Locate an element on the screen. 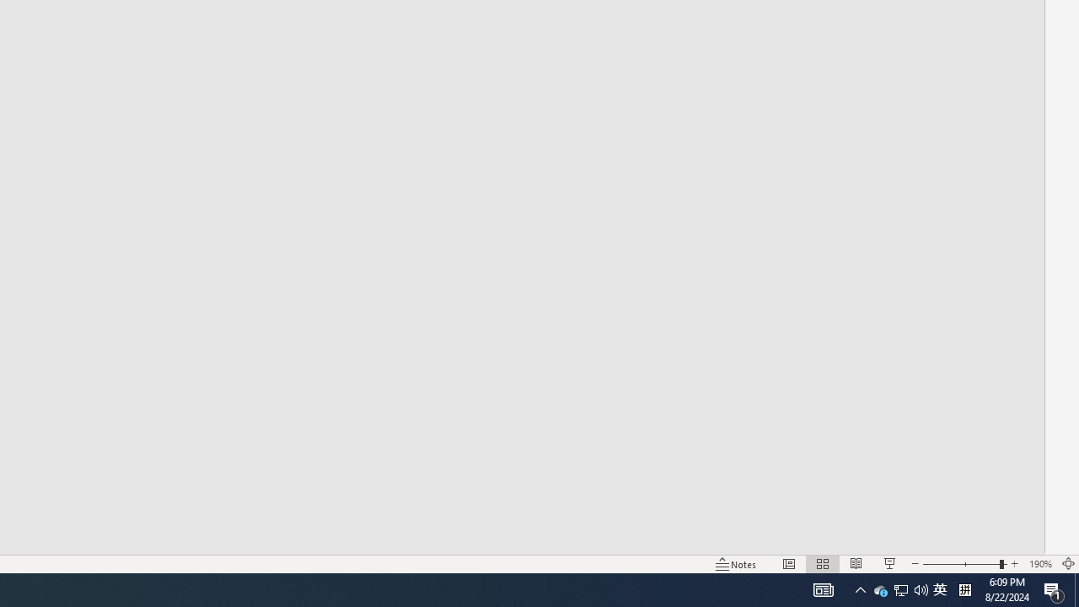 This screenshot has width=1079, height=607. 'Zoom 190%' is located at coordinates (1039, 564).